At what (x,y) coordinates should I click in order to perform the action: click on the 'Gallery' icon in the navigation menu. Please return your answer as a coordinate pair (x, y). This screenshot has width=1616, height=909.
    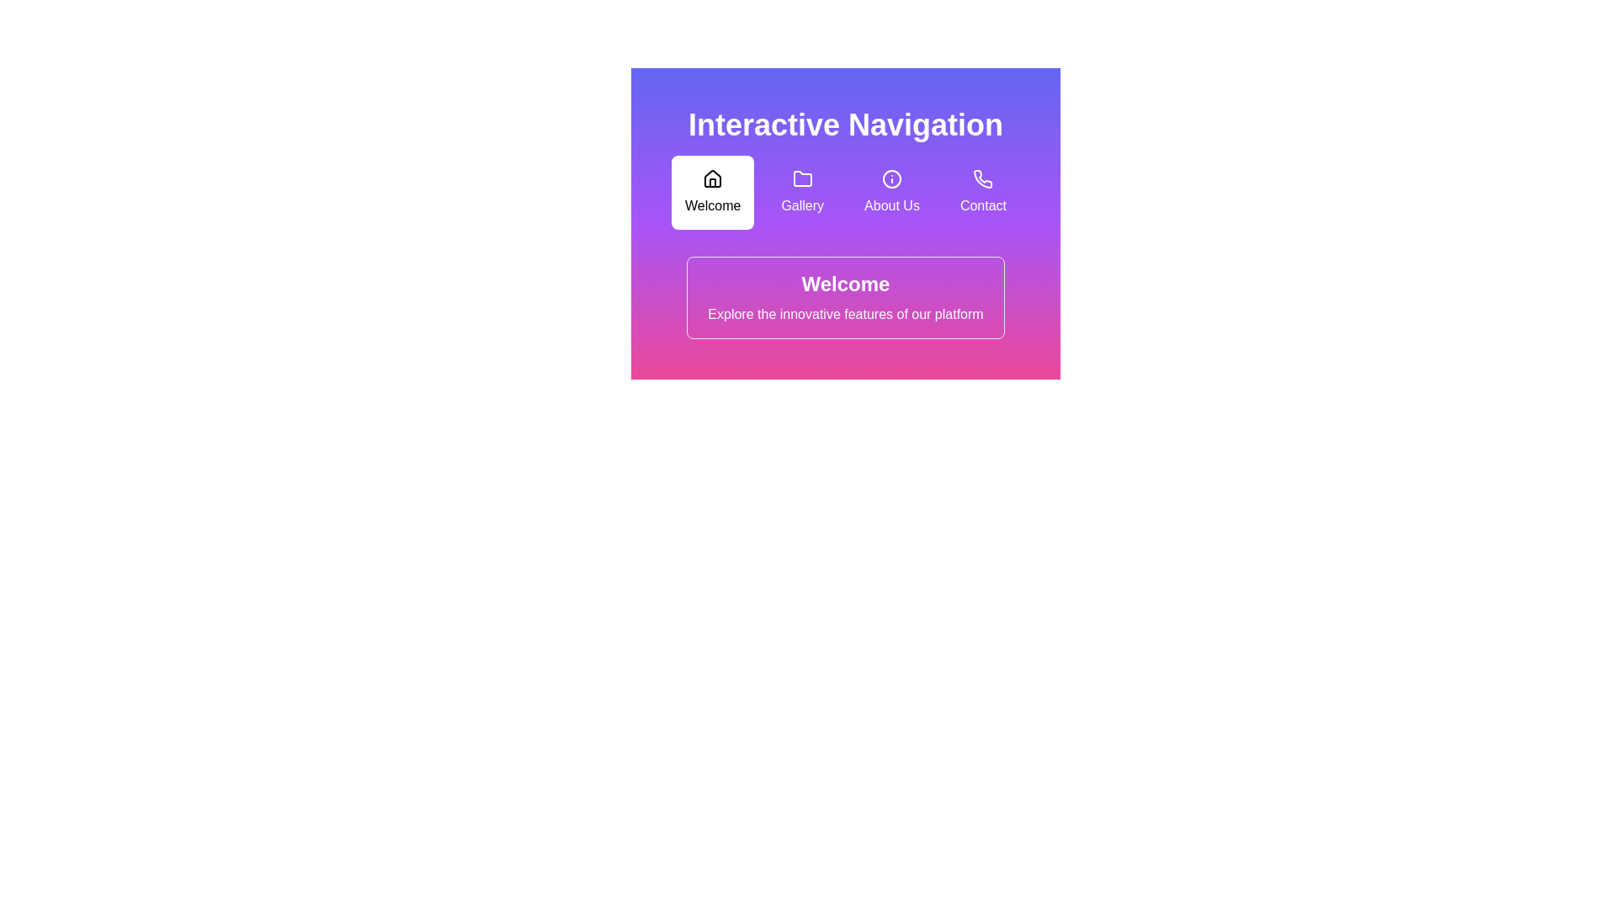
    Looking at the image, I should click on (801, 178).